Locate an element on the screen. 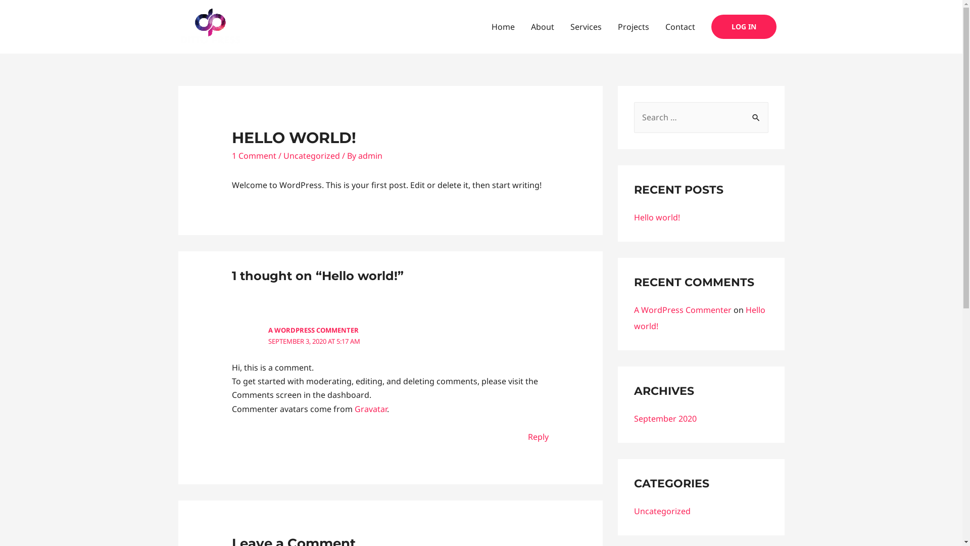  'Home' is located at coordinates (502, 26).